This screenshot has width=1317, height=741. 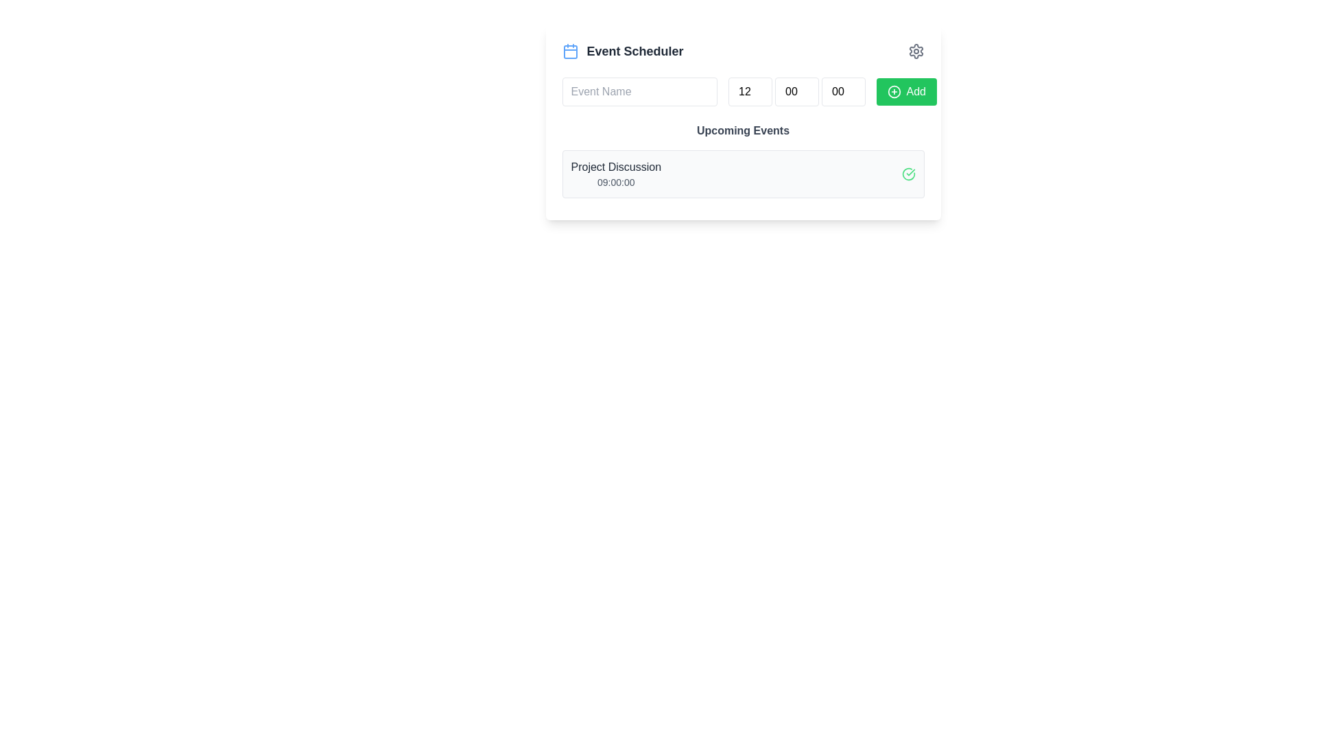 I want to click on the state of the completion indicator icon located to the far-right of the row containing the text 'Project Discussion 09:00:00', so click(x=908, y=174).